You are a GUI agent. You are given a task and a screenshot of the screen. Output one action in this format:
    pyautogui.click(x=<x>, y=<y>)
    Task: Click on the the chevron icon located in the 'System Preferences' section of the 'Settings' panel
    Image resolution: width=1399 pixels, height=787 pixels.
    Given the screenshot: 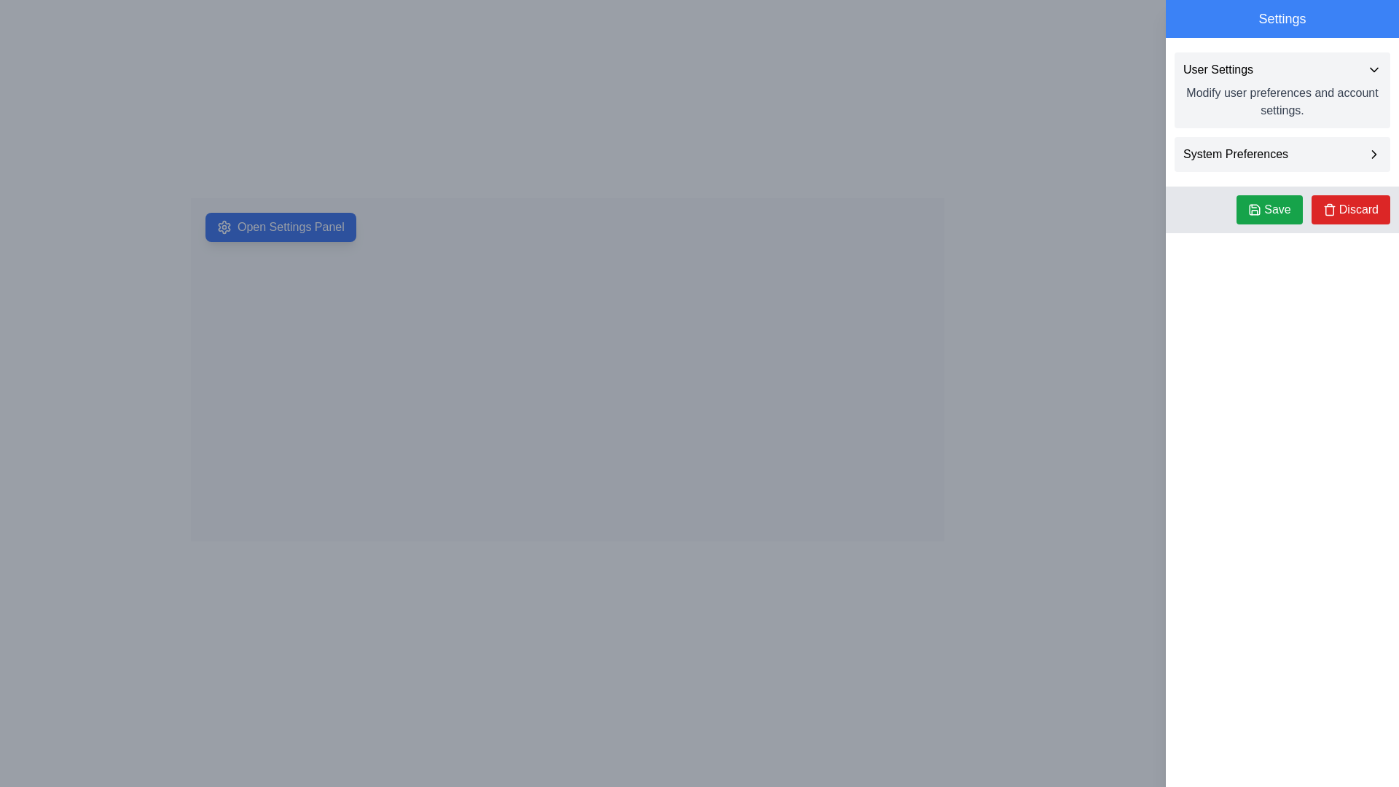 What is the action you would take?
    pyautogui.click(x=1373, y=154)
    